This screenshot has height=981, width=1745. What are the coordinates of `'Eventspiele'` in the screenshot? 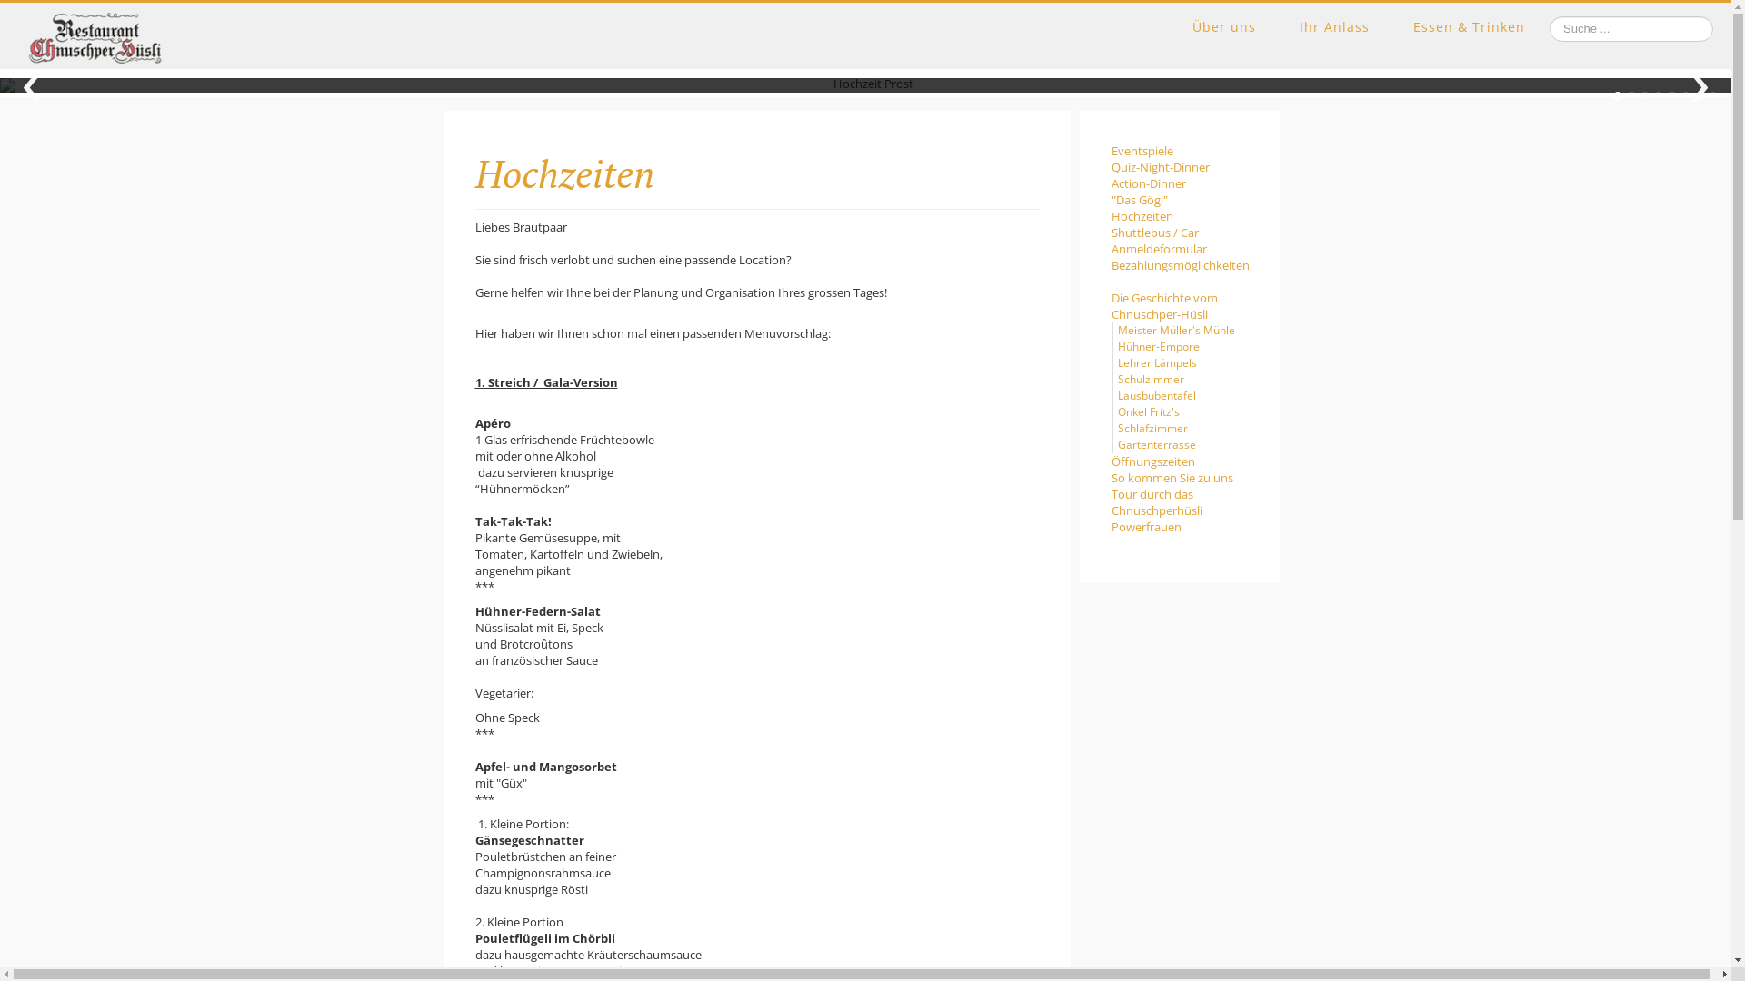 It's located at (1179, 149).